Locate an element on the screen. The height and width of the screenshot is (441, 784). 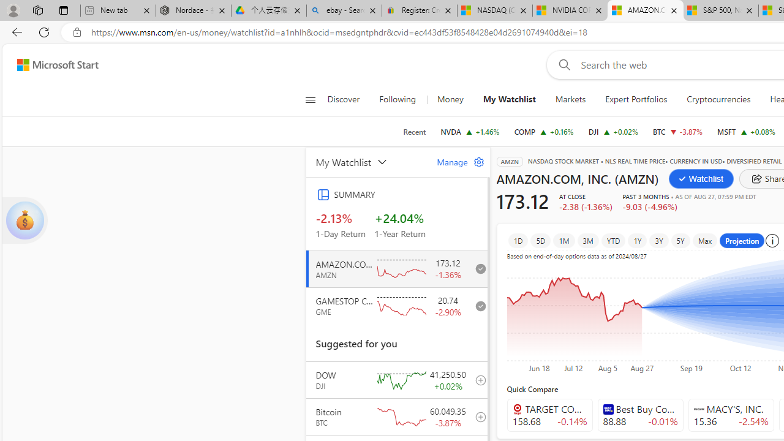
'Microsoft Start' is located at coordinates (57, 64).